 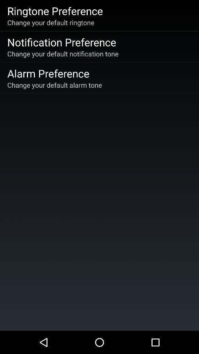 What do you see at coordinates (61, 42) in the screenshot?
I see `the notification preference app` at bounding box center [61, 42].